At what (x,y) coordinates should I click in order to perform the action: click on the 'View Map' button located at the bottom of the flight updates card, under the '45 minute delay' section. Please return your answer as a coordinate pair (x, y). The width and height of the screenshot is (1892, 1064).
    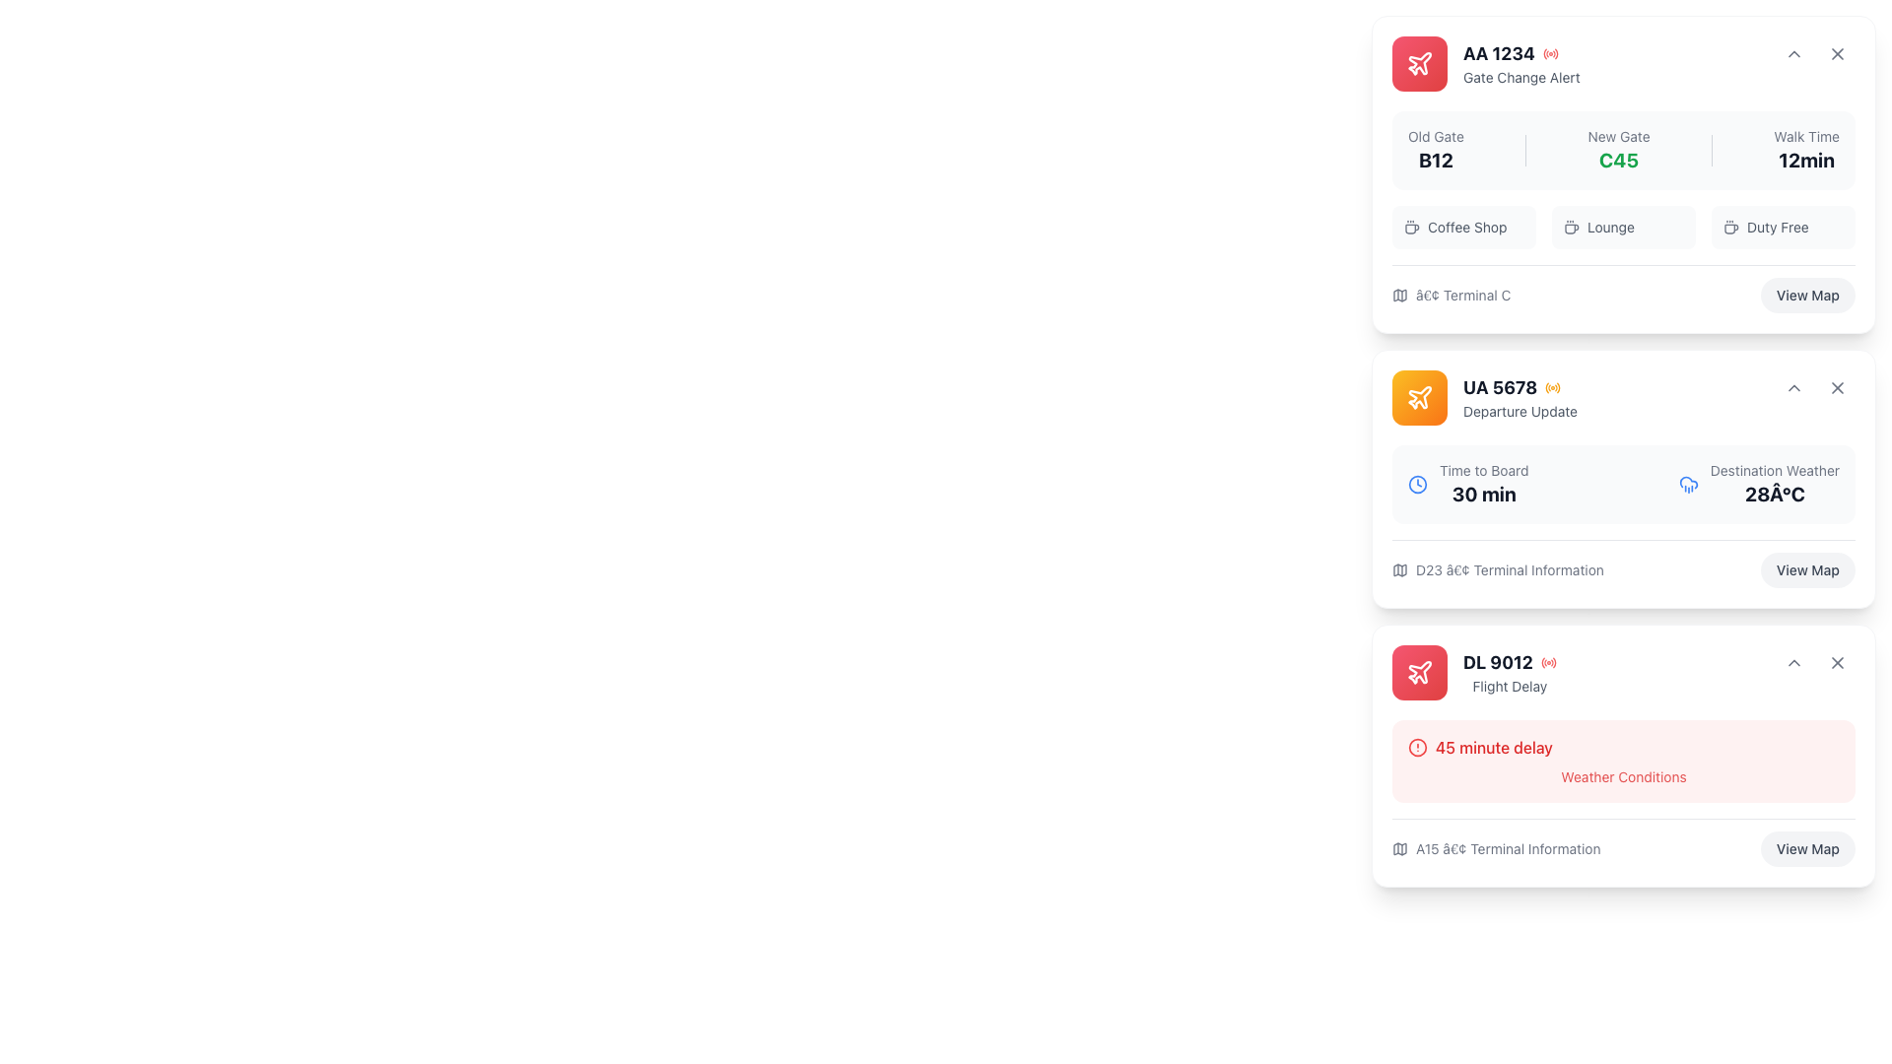
    Looking at the image, I should click on (1623, 842).